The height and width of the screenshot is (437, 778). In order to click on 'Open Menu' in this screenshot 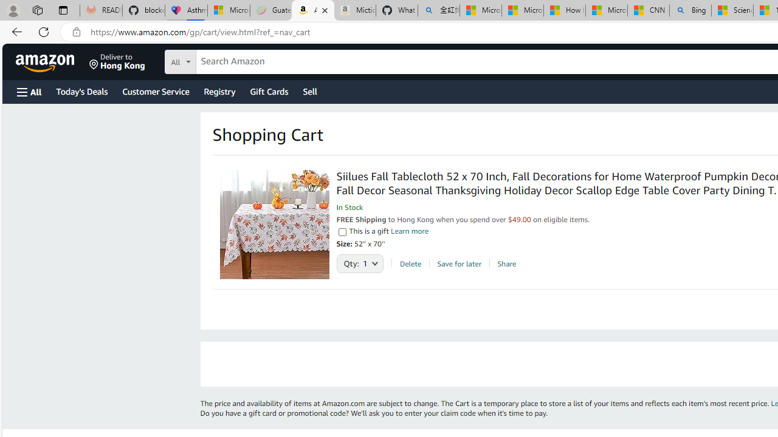, I will do `click(29, 91)`.